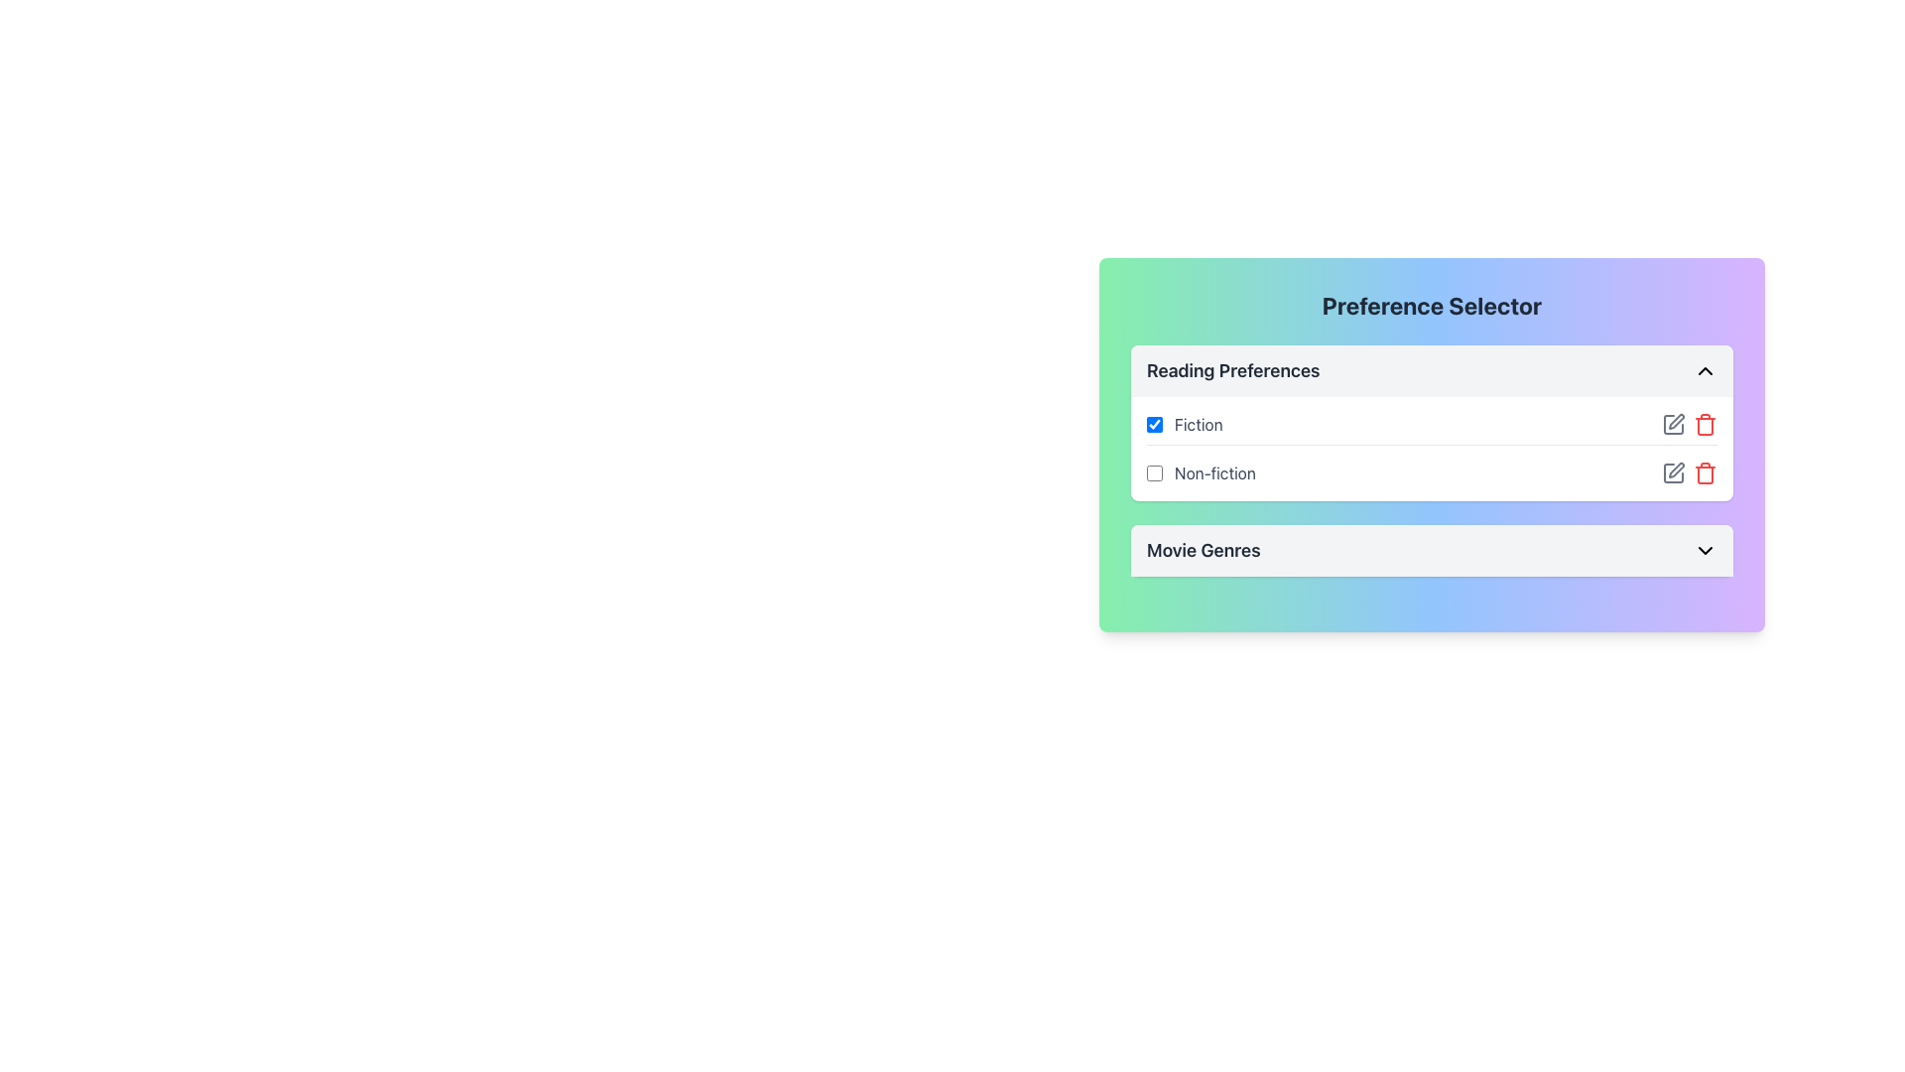  Describe the element at coordinates (1154, 424) in the screenshot. I see `the 'Fiction' checkbox in the 'Reading Preferences' section` at that location.